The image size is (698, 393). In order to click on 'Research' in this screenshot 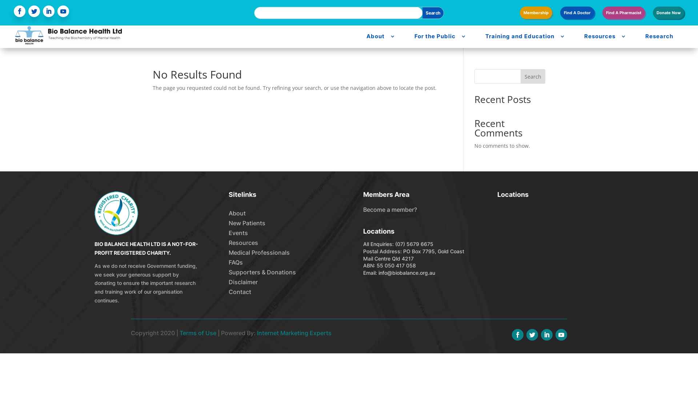, I will do `click(659, 36)`.